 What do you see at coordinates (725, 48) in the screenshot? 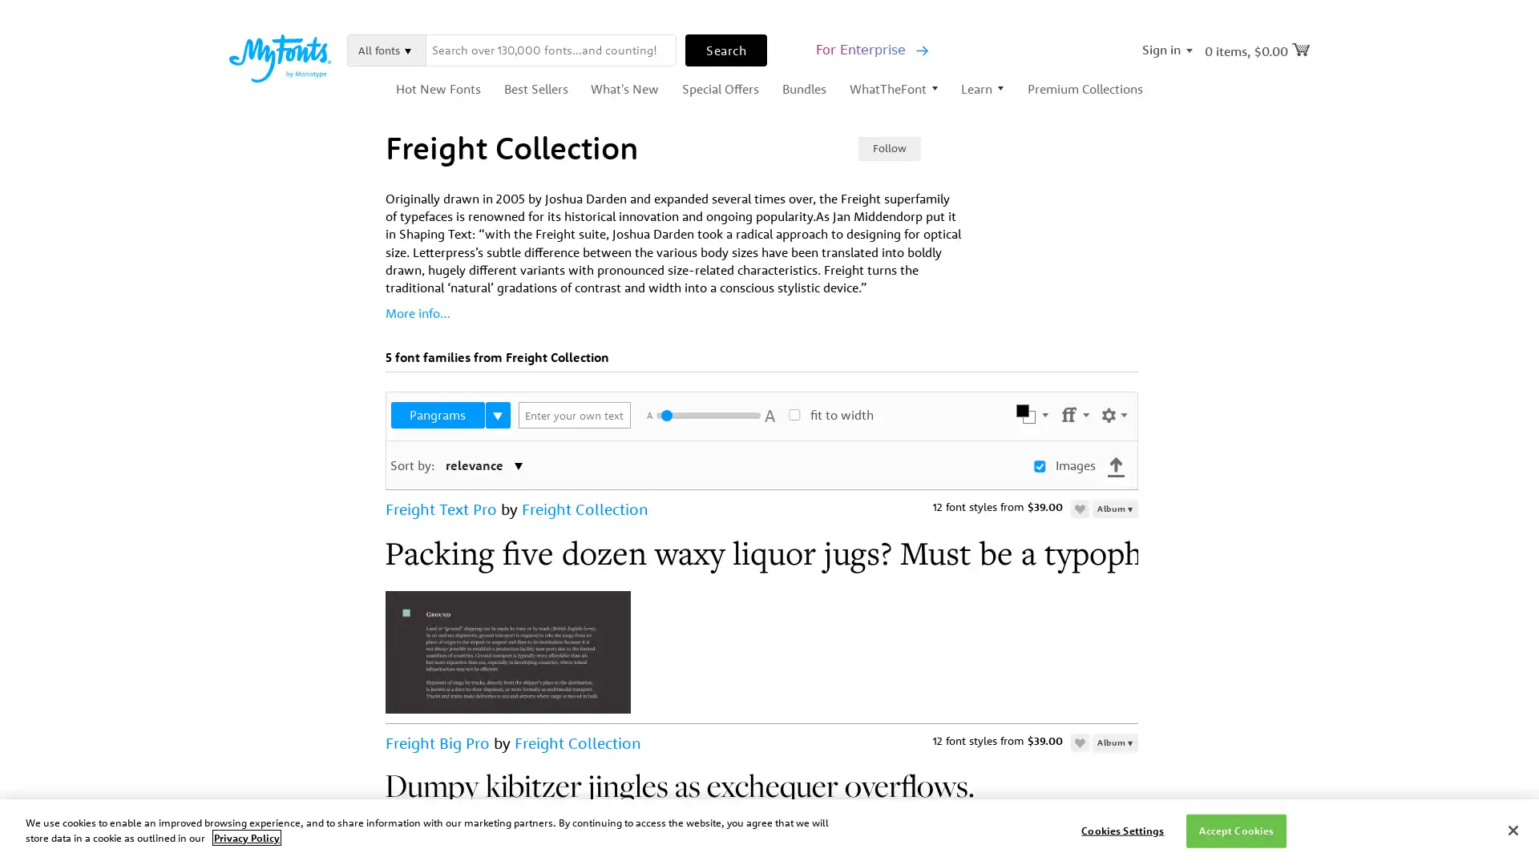
I see `Search` at bounding box center [725, 48].